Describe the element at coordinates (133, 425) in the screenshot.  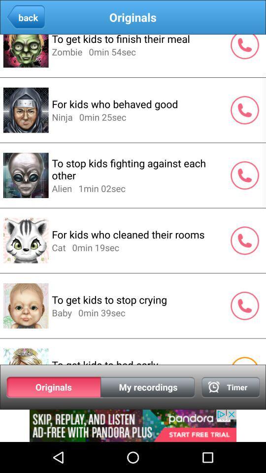
I see `advertisement banner` at that location.